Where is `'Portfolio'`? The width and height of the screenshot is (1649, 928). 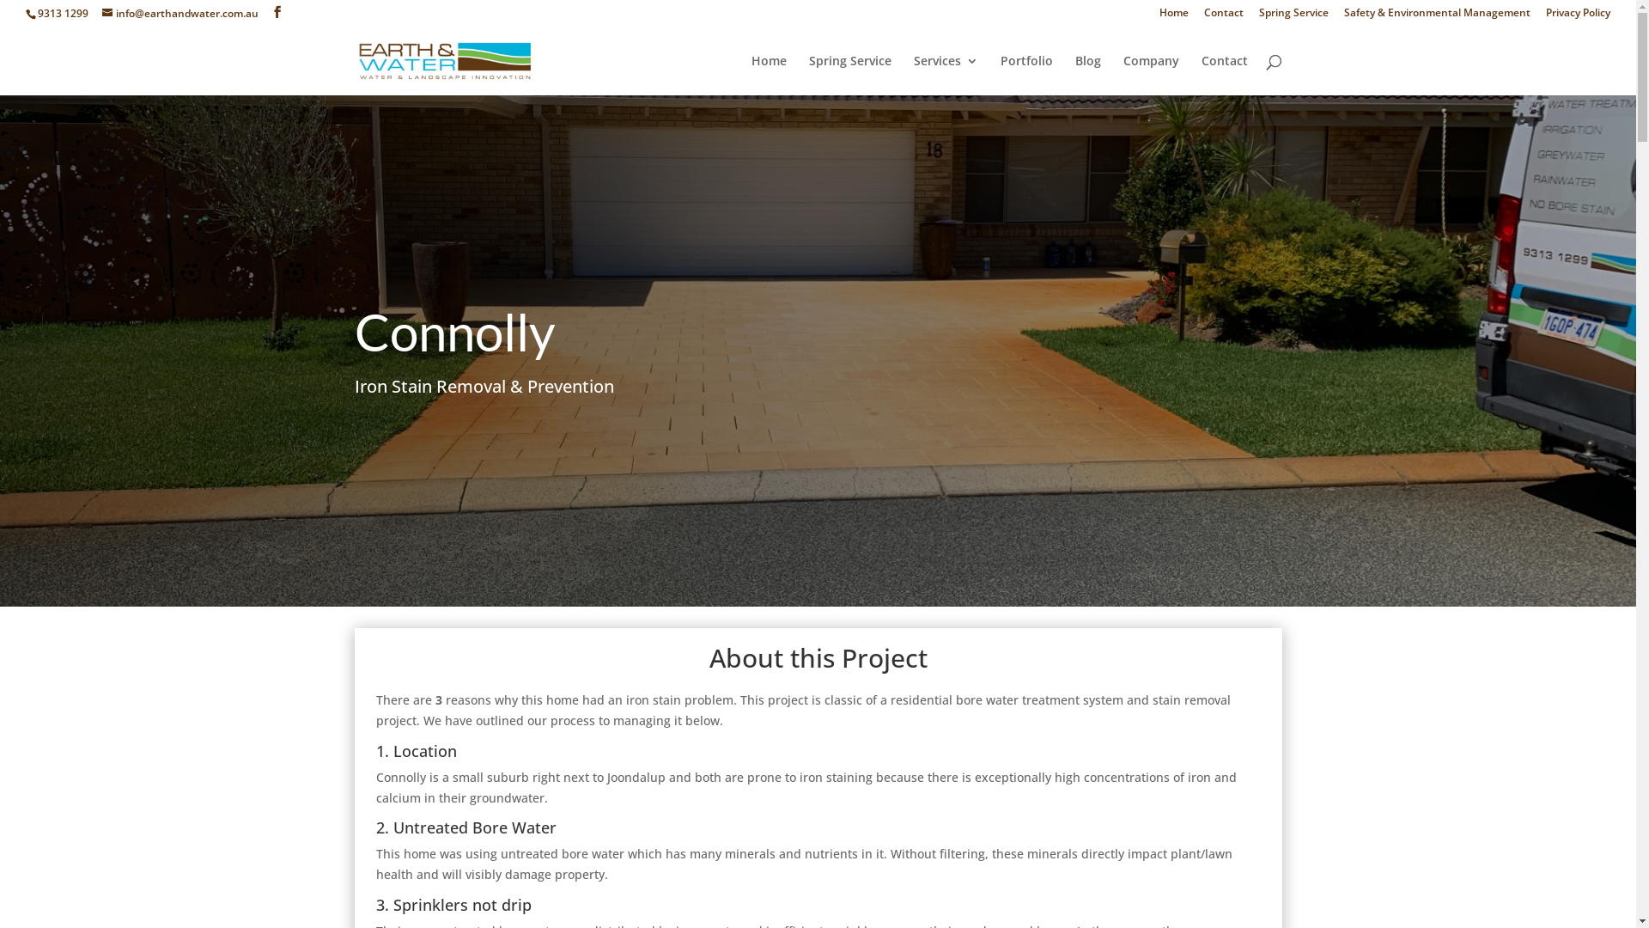
'Portfolio' is located at coordinates (1025, 74).